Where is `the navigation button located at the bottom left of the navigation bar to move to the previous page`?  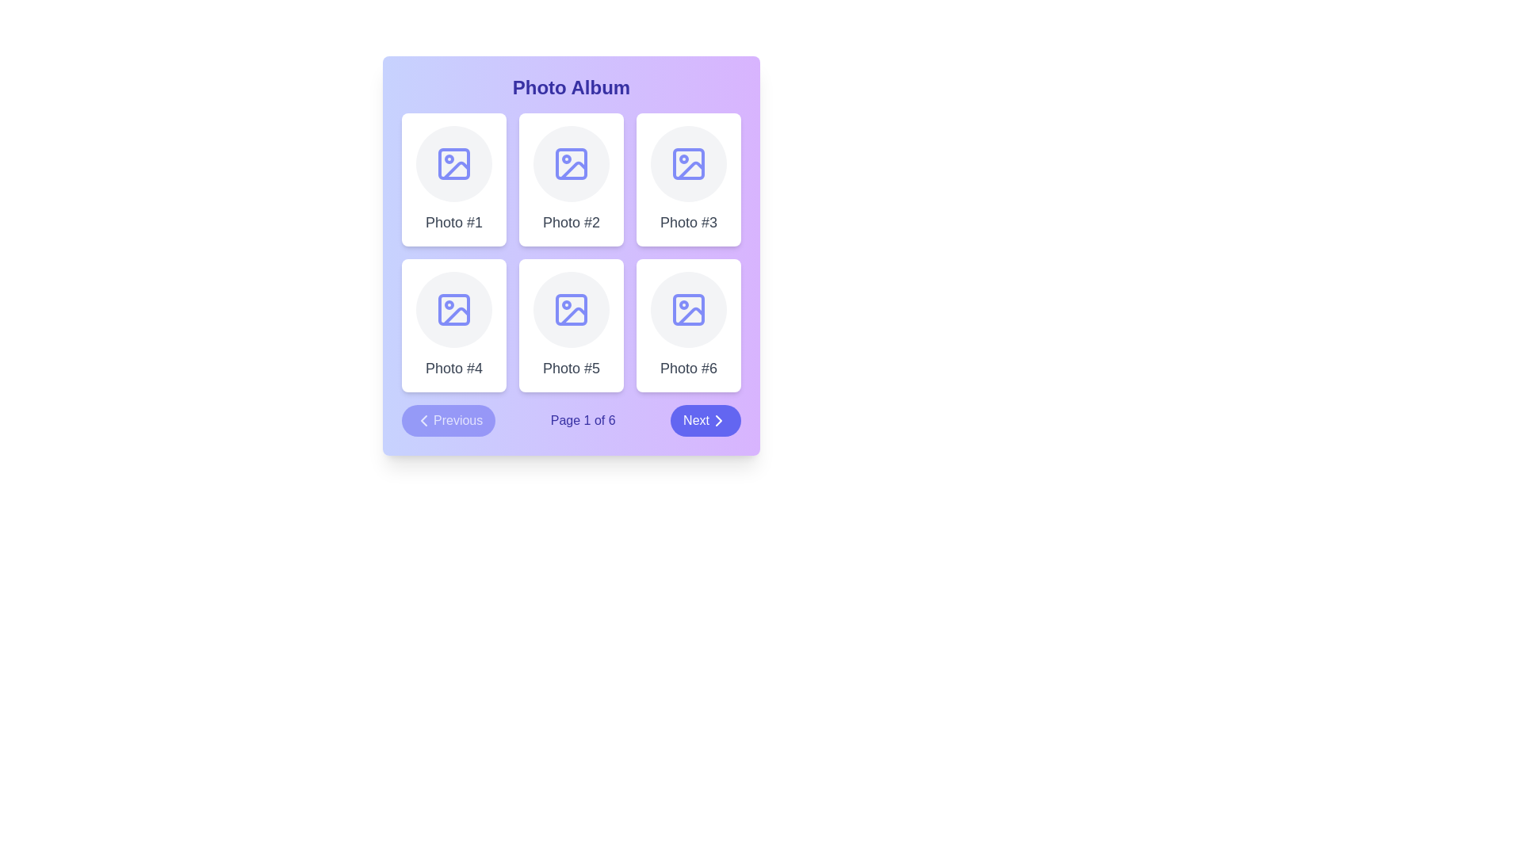 the navigation button located at the bottom left of the navigation bar to move to the previous page is located at coordinates (448, 420).